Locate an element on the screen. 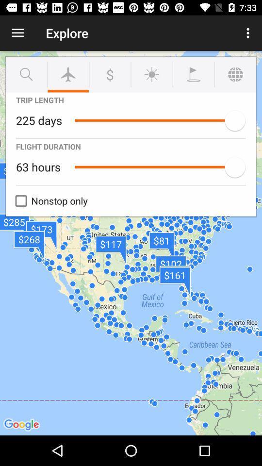  the icon next to the explore item is located at coordinates (249, 33).